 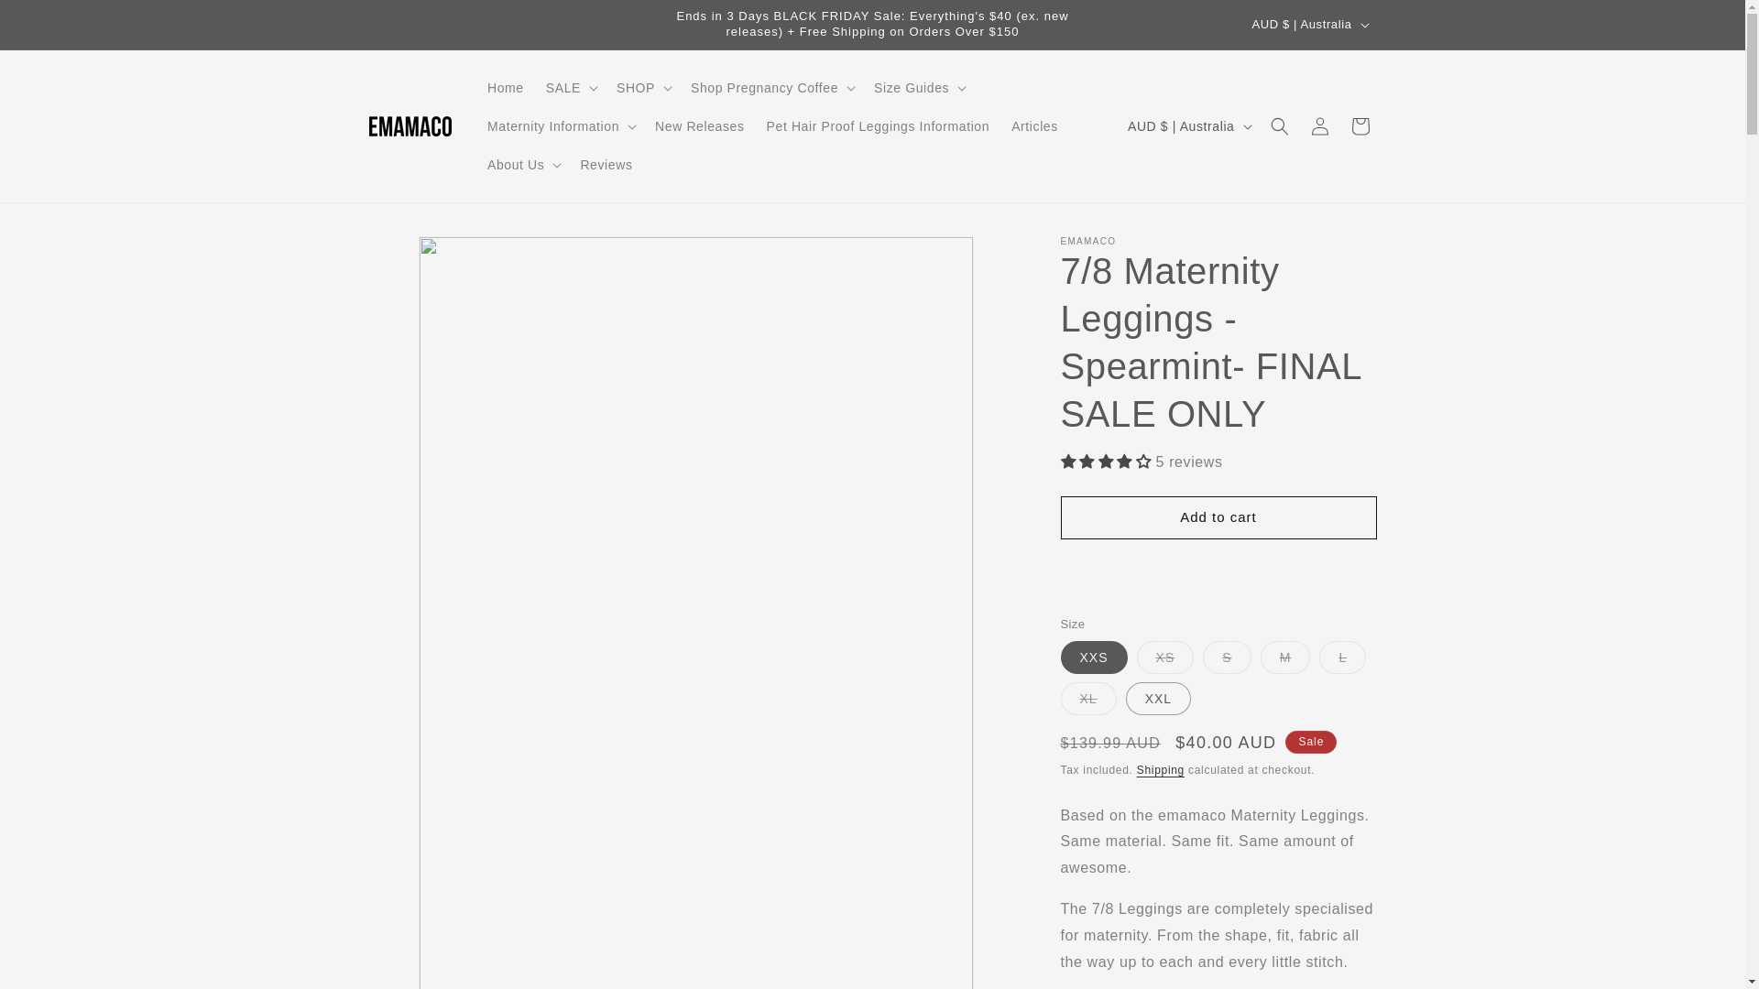 What do you see at coordinates (606, 165) in the screenshot?
I see `'Reviews'` at bounding box center [606, 165].